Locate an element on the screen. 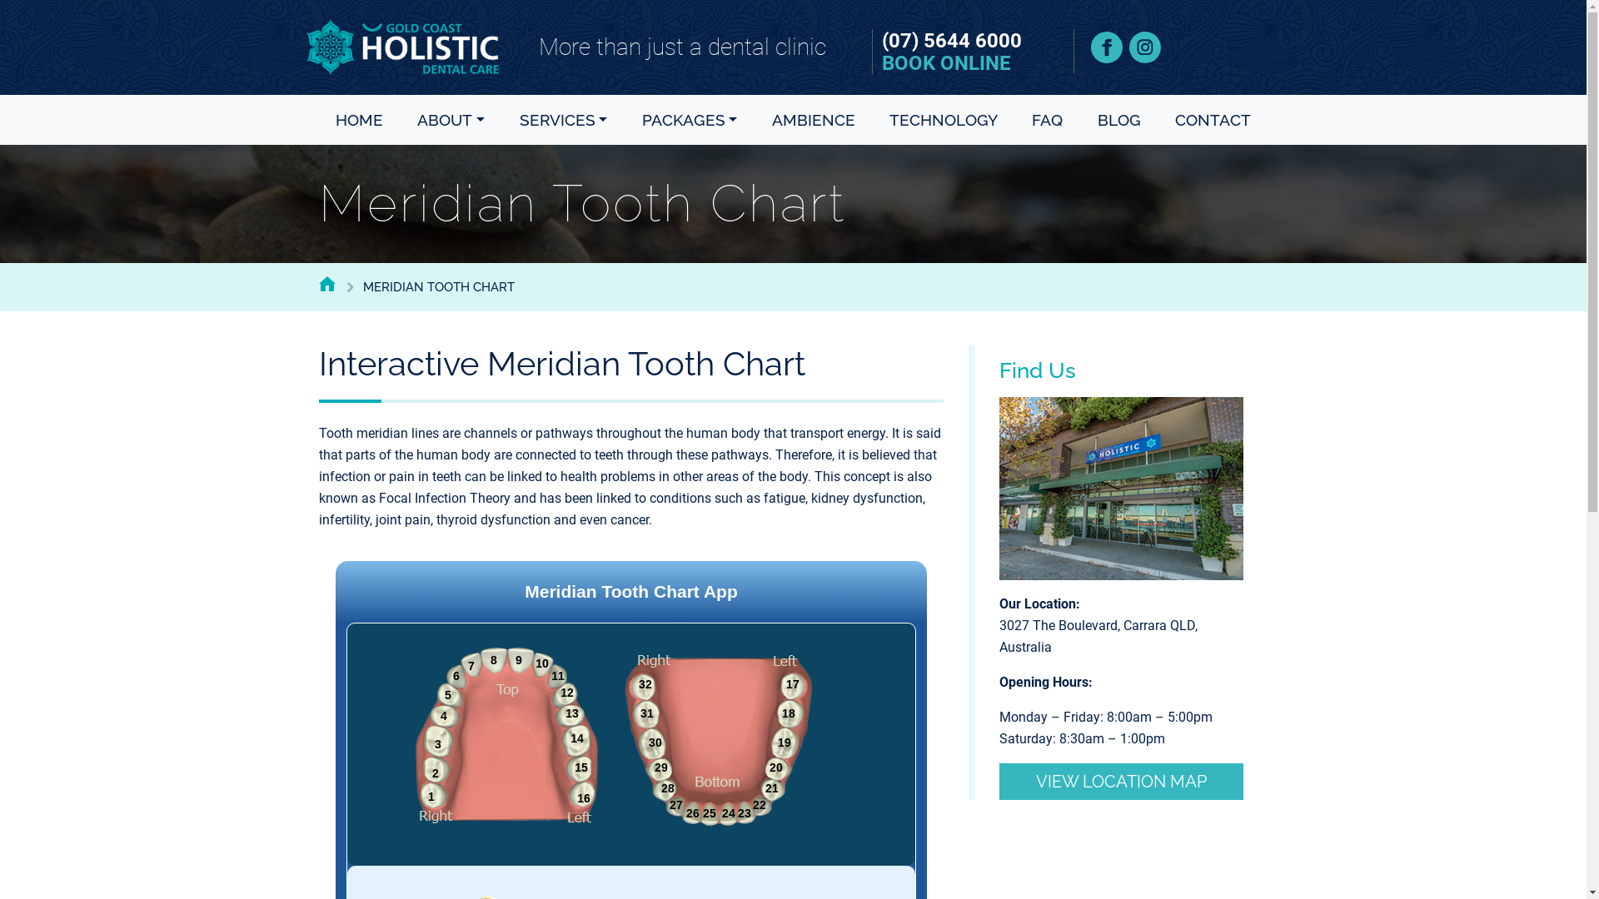 This screenshot has width=1599, height=899. 'PACKAGES' is located at coordinates (635, 119).